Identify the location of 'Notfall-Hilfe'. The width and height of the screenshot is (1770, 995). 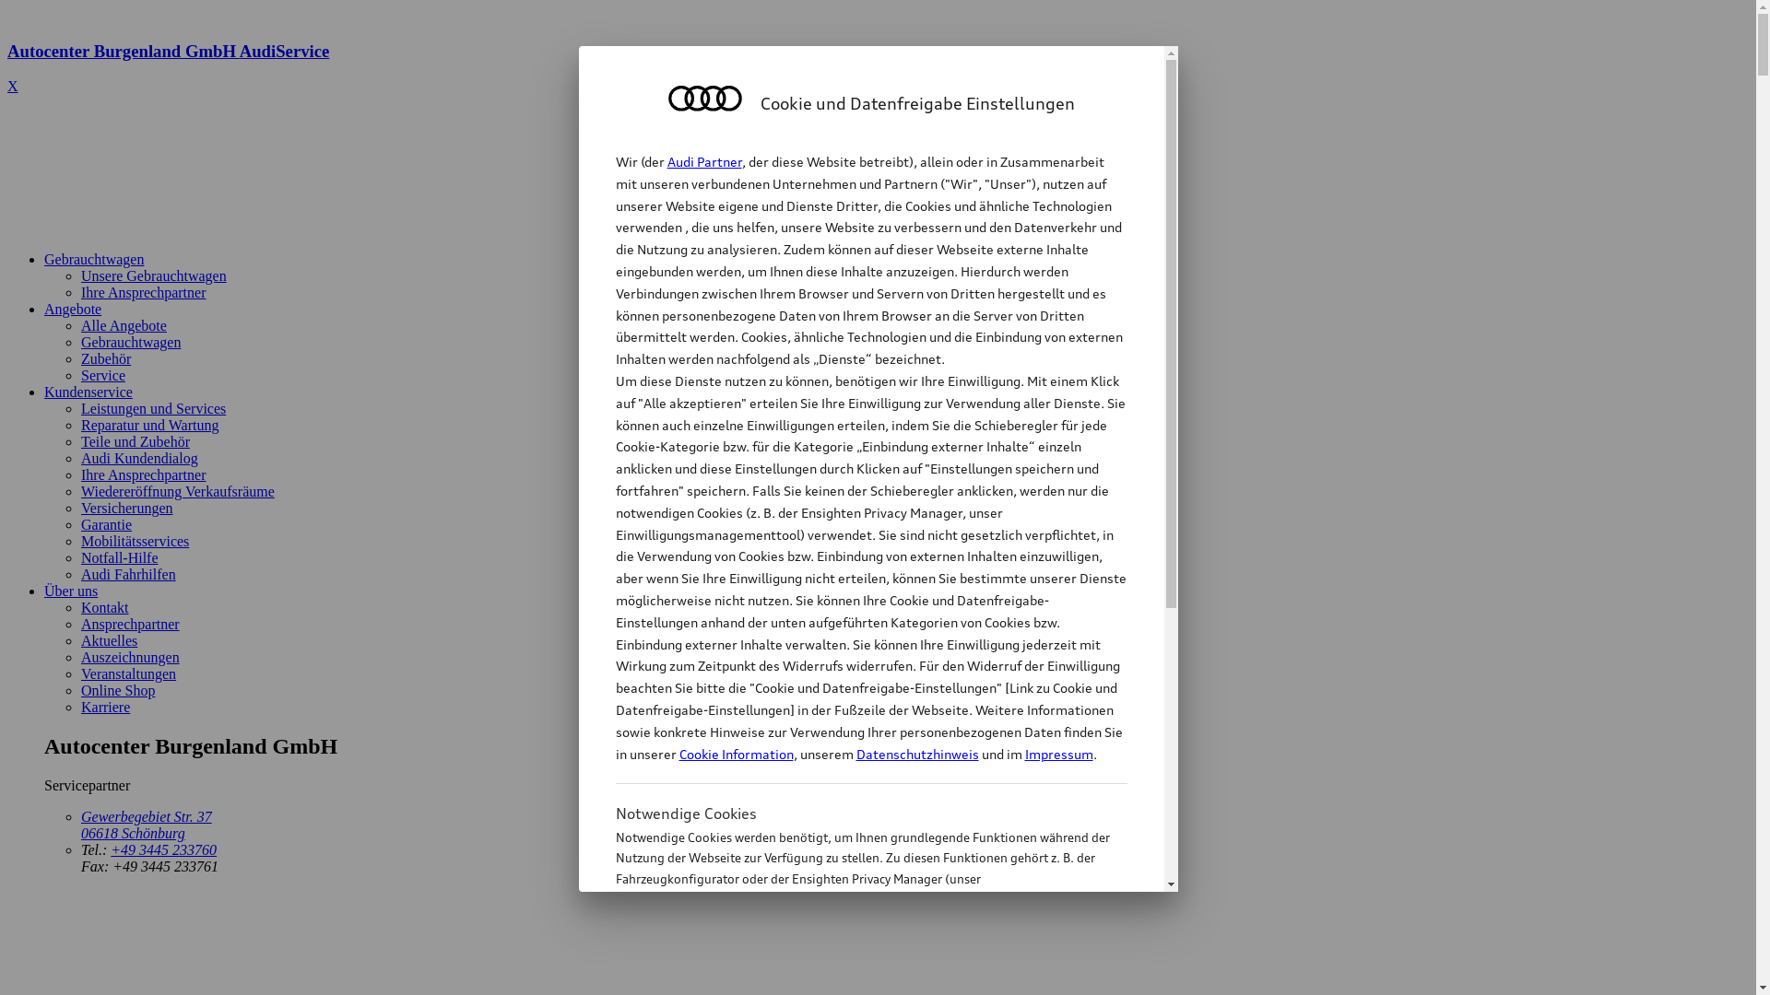
(118, 556).